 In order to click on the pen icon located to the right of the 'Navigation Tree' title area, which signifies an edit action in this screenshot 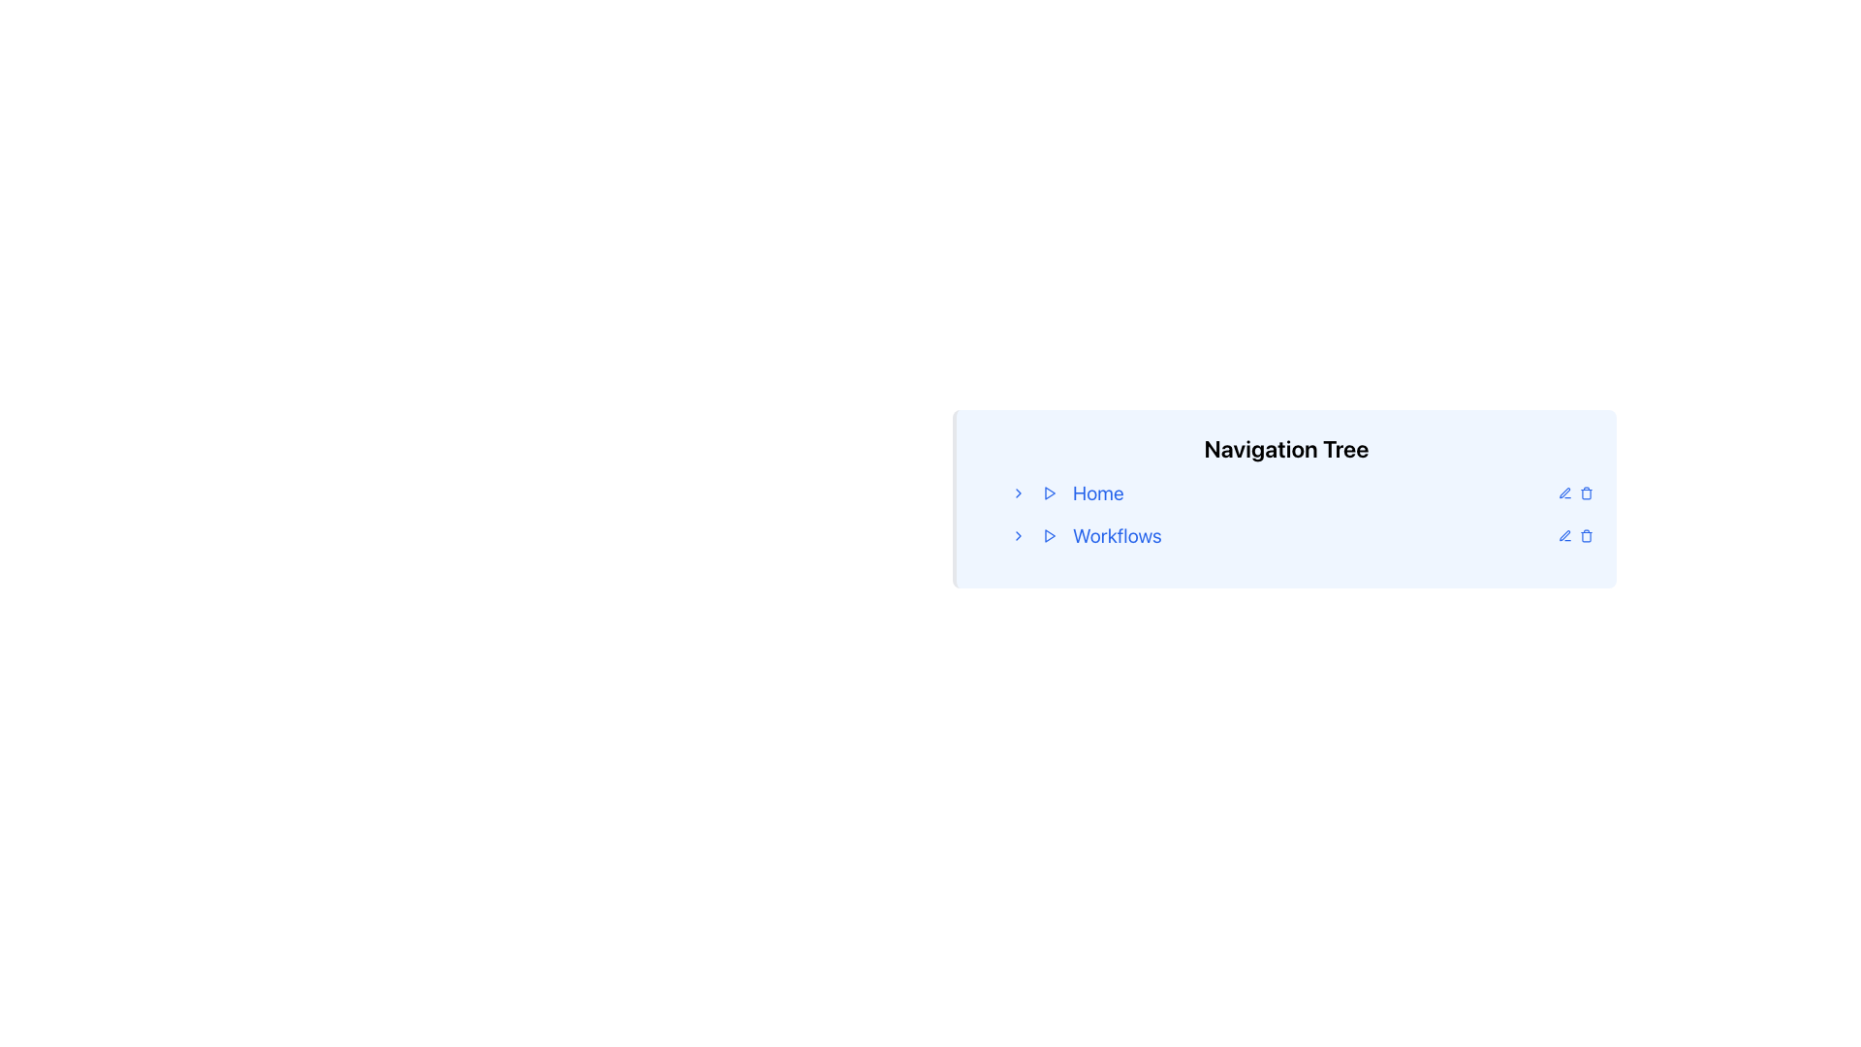, I will do `click(1564, 535)`.